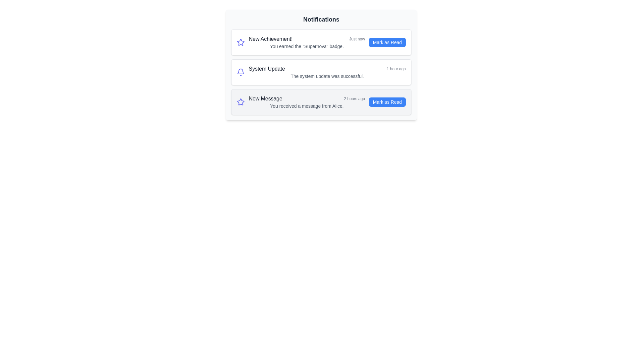 Image resolution: width=636 pixels, height=358 pixels. What do you see at coordinates (321, 19) in the screenshot?
I see `text content of the Heading element displaying 'Notifications' in bold, large dark gray font at the top center of the interface` at bounding box center [321, 19].